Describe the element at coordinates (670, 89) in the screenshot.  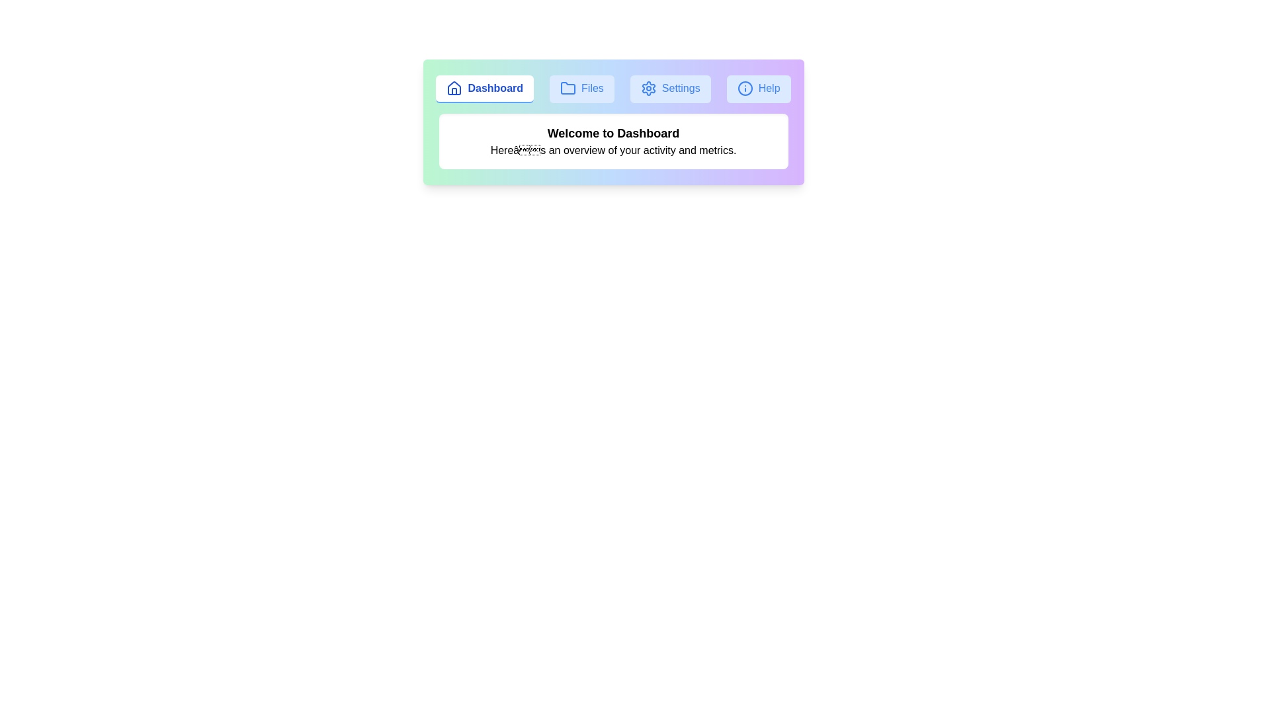
I see `the tab labeled Settings` at that location.